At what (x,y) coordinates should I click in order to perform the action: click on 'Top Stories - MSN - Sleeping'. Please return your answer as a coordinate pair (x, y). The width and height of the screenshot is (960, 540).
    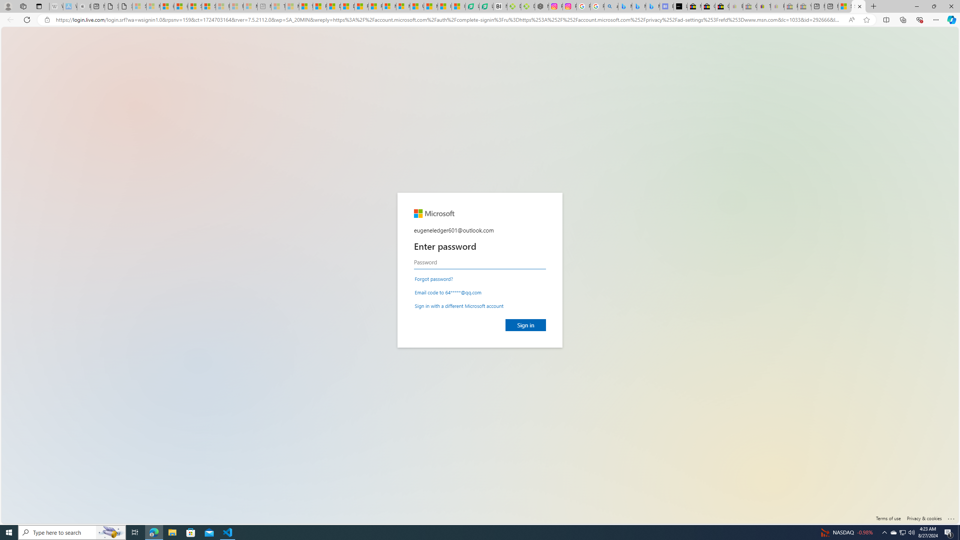
    Looking at the image, I should click on (278, 6).